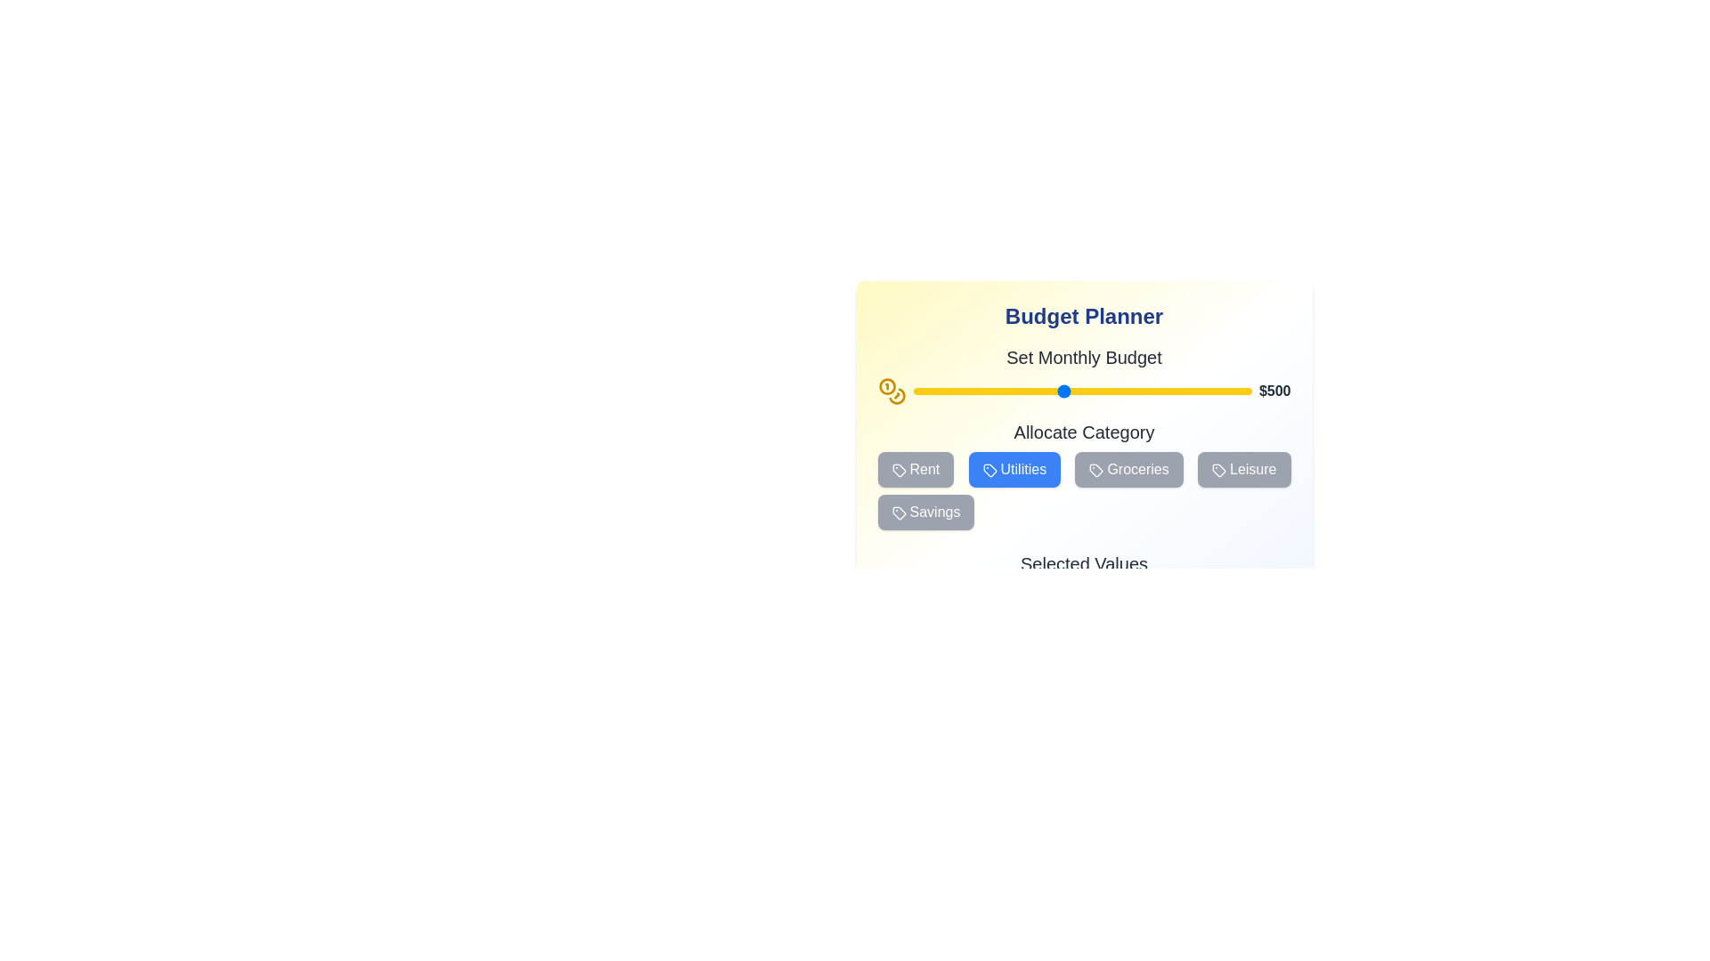  Describe the element at coordinates (1128, 469) in the screenshot. I see `the 'Groceries' button, which is a gray rectangular button with rounded corners and contains the label 'Groceries' in white text, located in the 'Allocate Category' section as the third button from the left` at that location.